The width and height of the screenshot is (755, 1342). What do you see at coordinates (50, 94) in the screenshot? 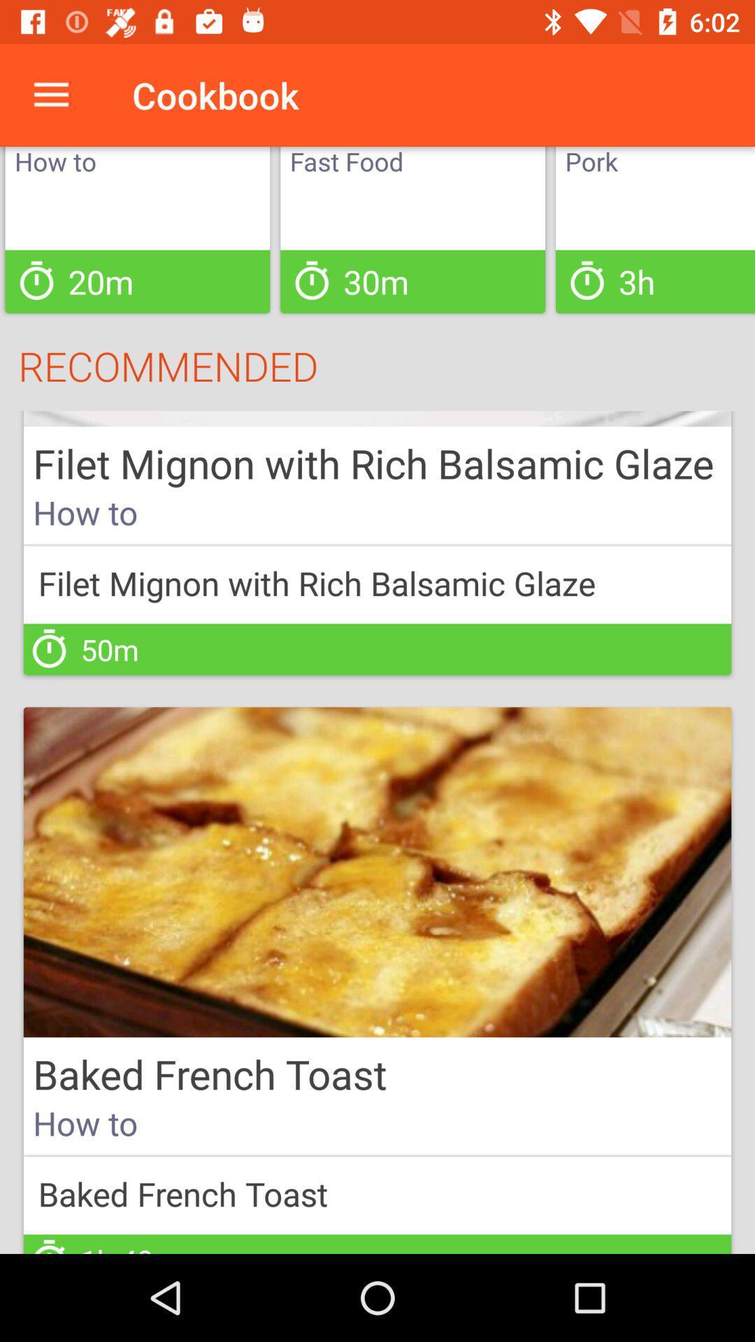
I see `icon above how to` at bounding box center [50, 94].